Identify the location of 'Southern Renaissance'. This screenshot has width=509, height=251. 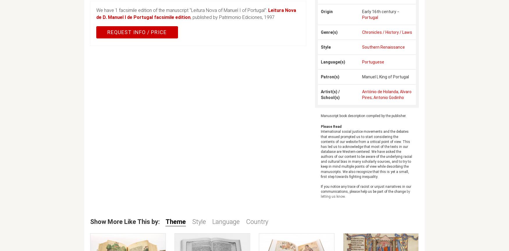
(362, 47).